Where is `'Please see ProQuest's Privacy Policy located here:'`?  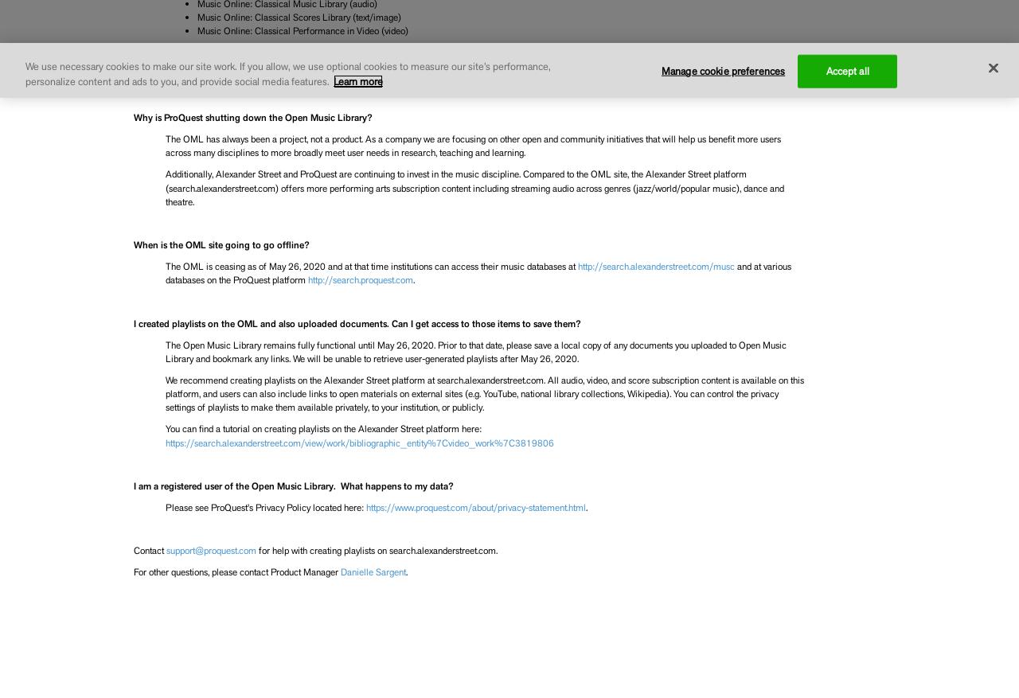
'Please see ProQuest's Privacy Policy located here:' is located at coordinates (265, 506).